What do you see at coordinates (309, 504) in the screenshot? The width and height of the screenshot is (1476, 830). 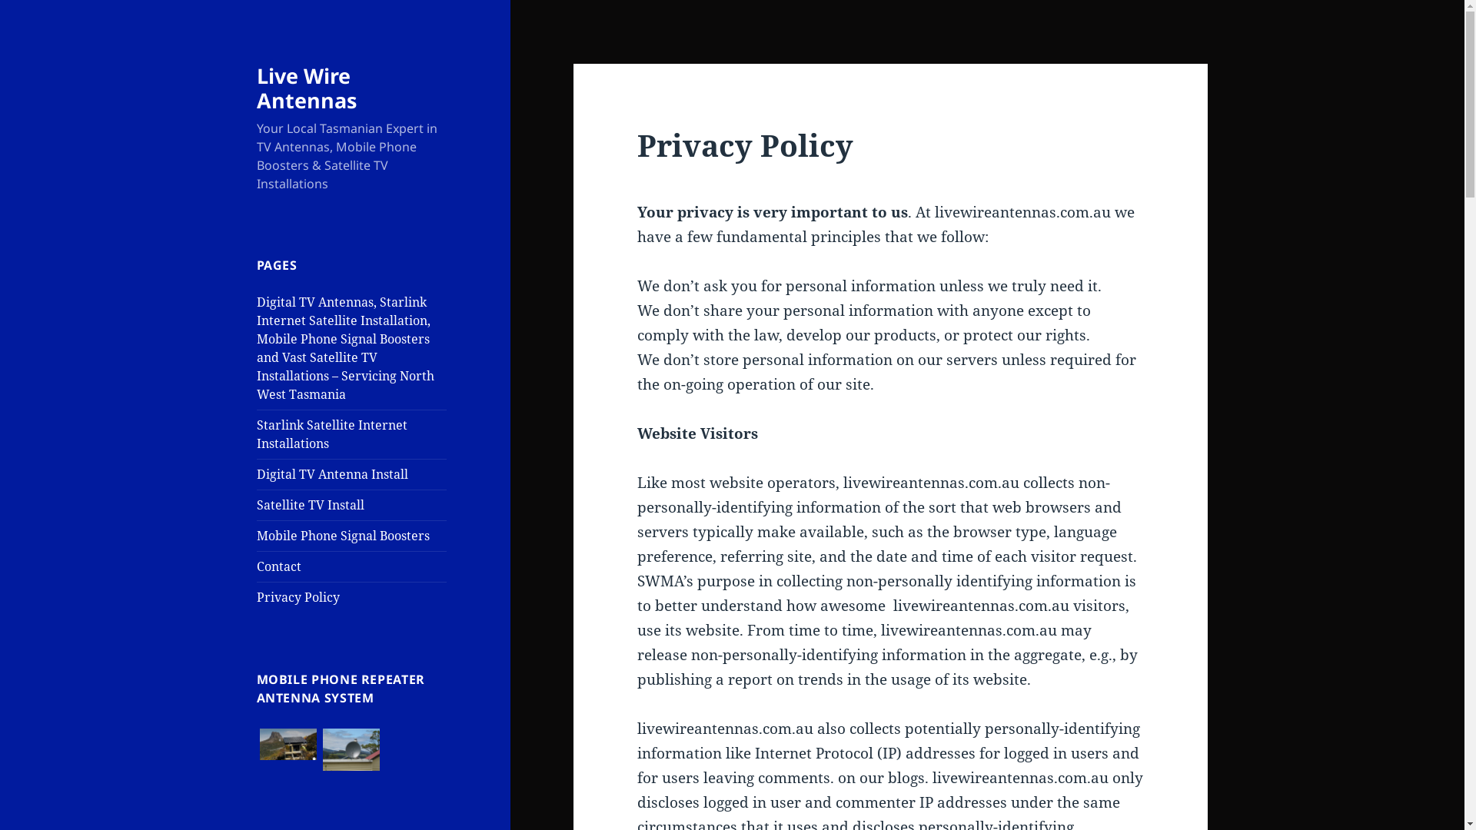 I see `'Satellite TV Install'` at bounding box center [309, 504].